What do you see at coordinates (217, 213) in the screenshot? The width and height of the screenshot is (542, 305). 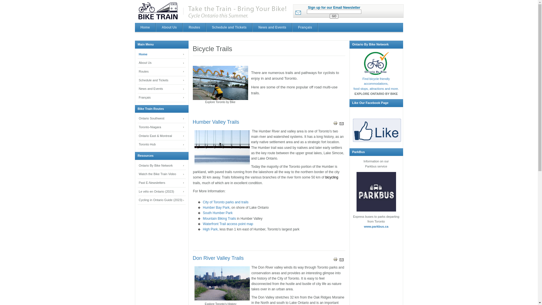 I see `'South Humber Park'` at bounding box center [217, 213].